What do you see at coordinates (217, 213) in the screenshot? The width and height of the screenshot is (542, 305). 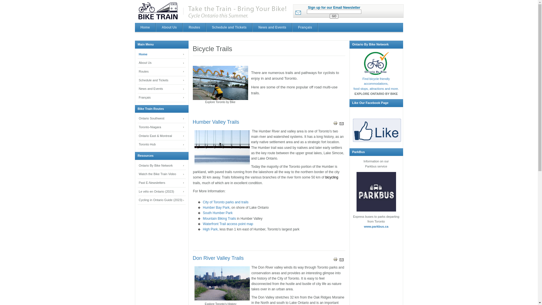 I see `'South Humber Park'` at bounding box center [217, 213].